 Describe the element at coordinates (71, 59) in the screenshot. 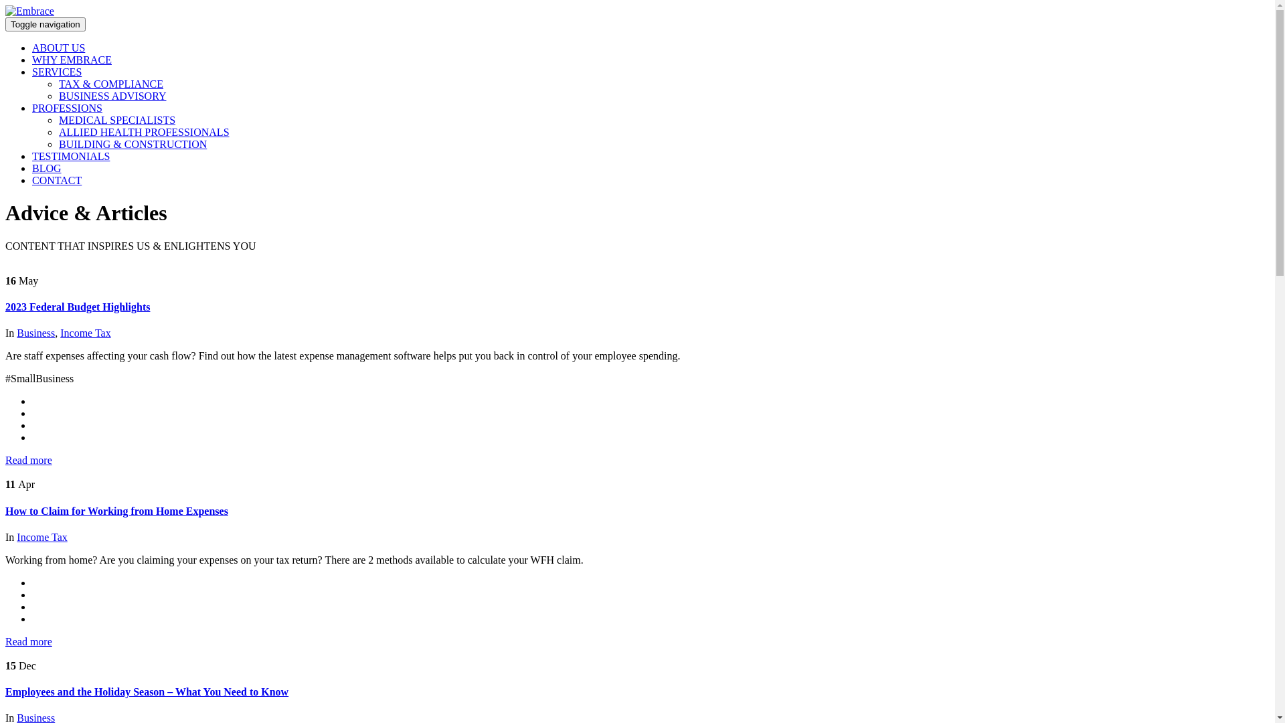

I see `'WHY EMBRACE'` at that location.